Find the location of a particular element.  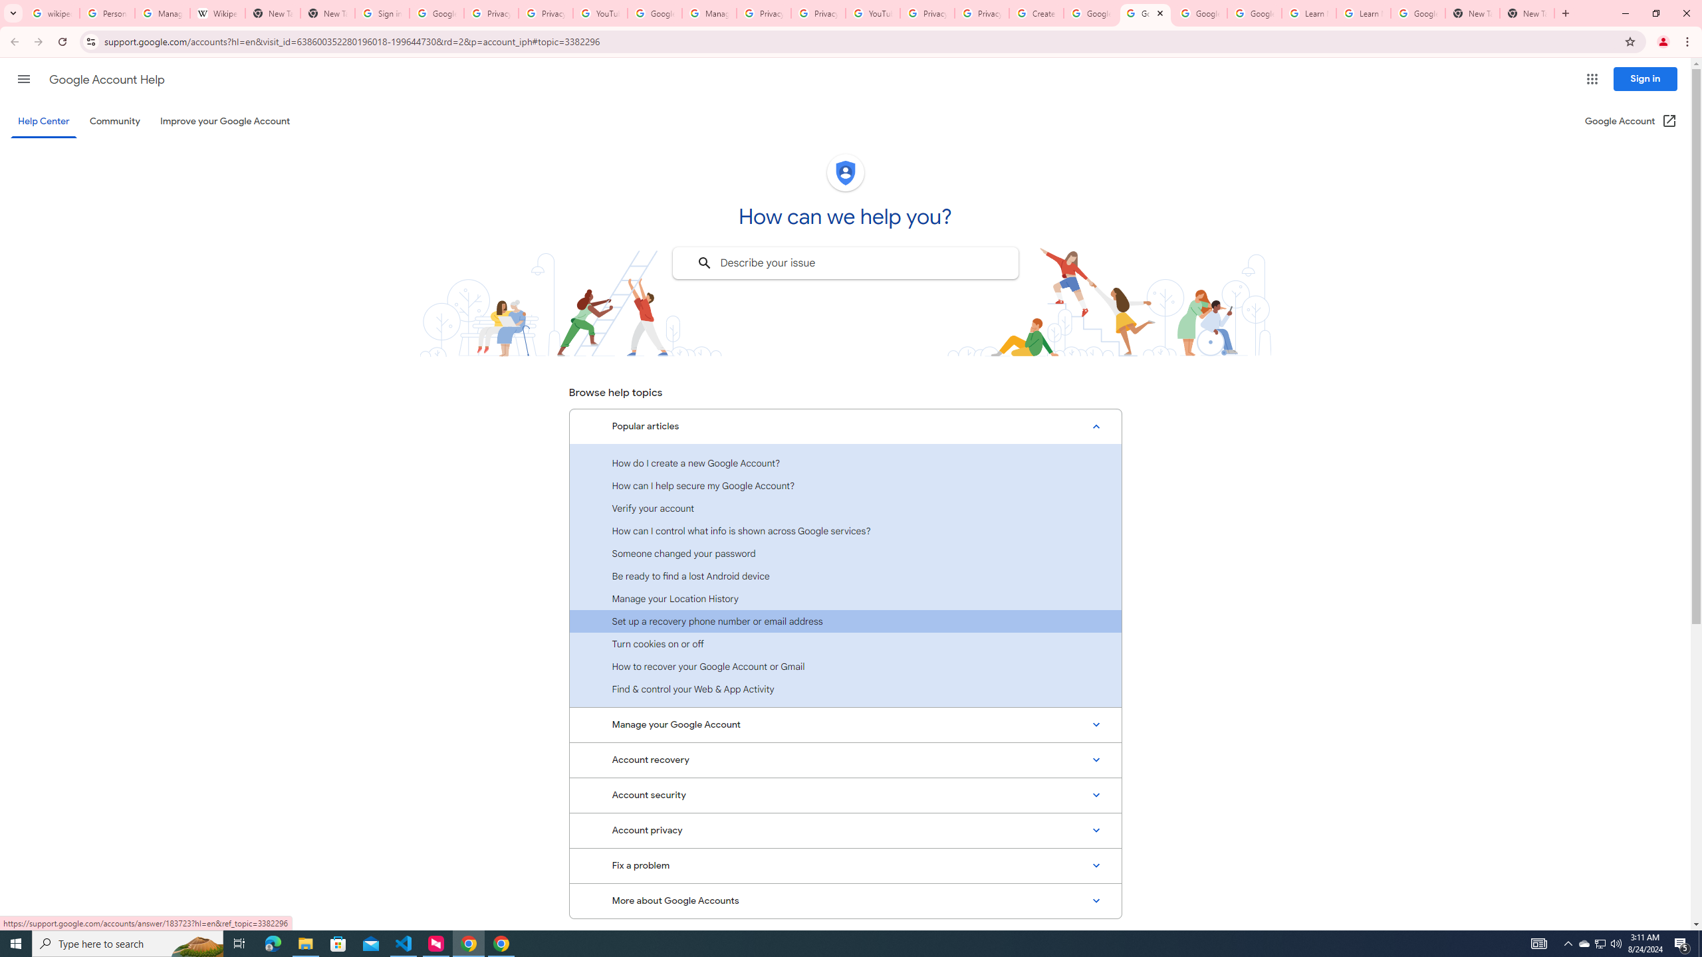

'Improve your Google Account' is located at coordinates (225, 120).